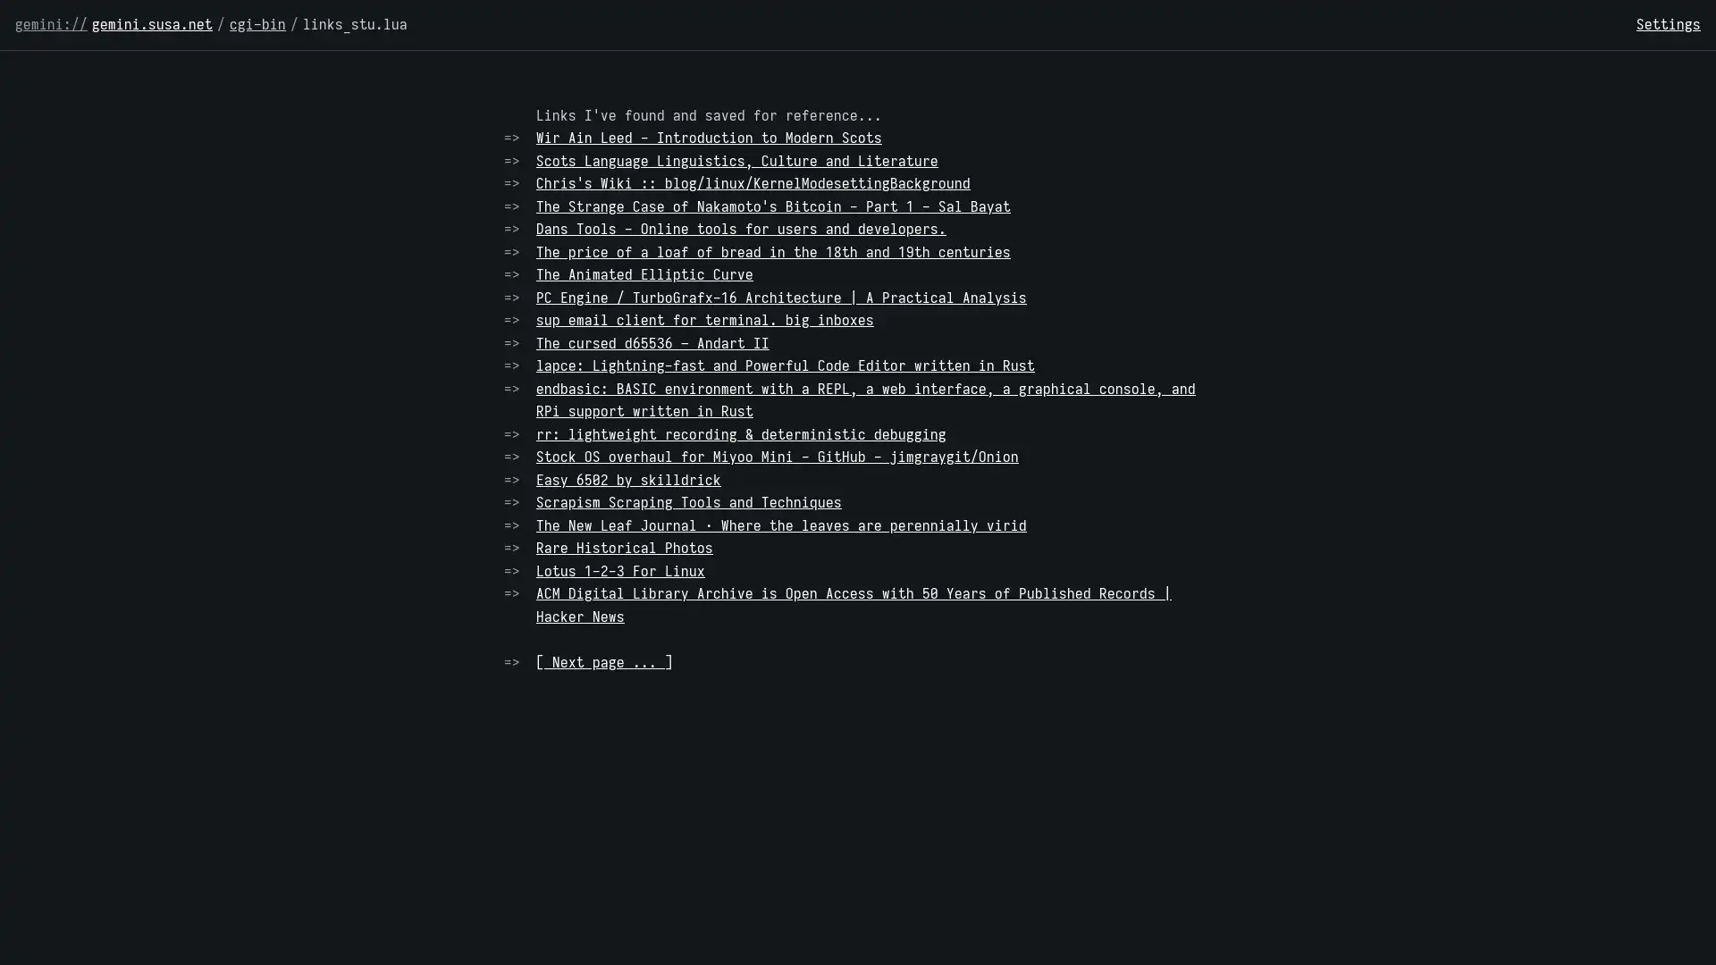 This screenshot has height=965, width=1716. What do you see at coordinates (1668, 24) in the screenshot?
I see `Settings` at bounding box center [1668, 24].